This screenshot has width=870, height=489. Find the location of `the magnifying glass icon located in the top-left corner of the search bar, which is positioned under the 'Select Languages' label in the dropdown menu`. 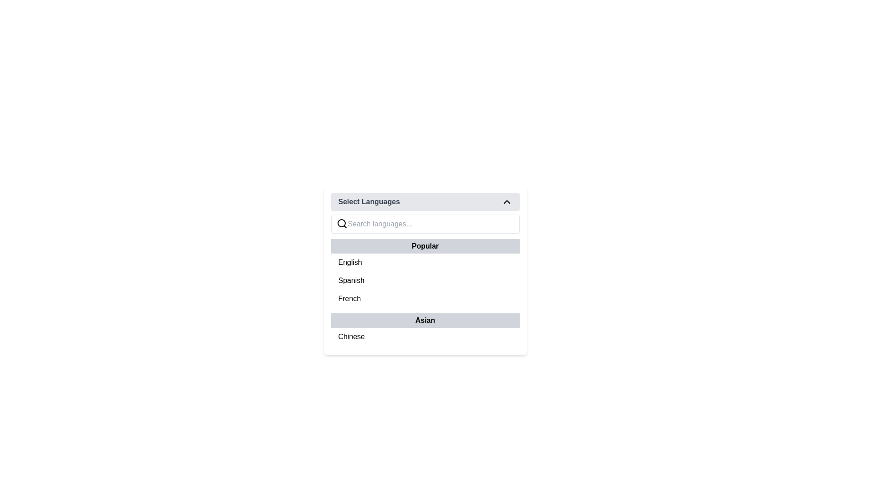

the magnifying glass icon located in the top-left corner of the search bar, which is positioned under the 'Select Languages' label in the dropdown menu is located at coordinates (341, 223).